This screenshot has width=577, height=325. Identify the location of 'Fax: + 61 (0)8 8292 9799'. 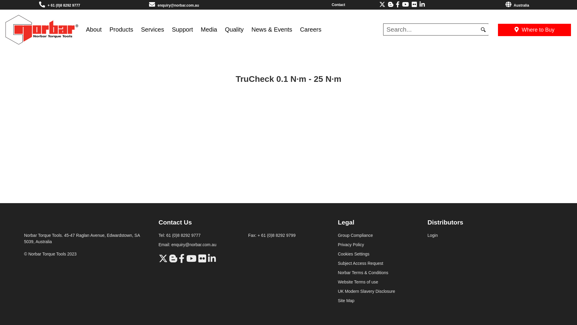
(272, 235).